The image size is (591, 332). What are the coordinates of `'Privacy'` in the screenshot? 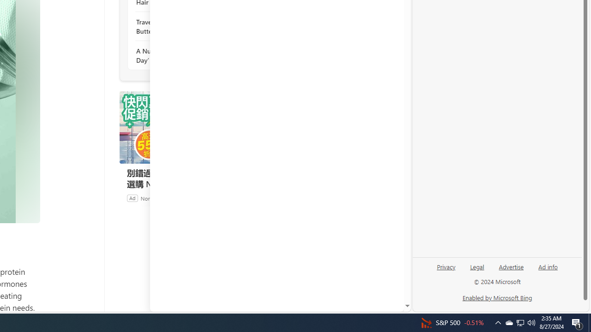 It's located at (446, 266).